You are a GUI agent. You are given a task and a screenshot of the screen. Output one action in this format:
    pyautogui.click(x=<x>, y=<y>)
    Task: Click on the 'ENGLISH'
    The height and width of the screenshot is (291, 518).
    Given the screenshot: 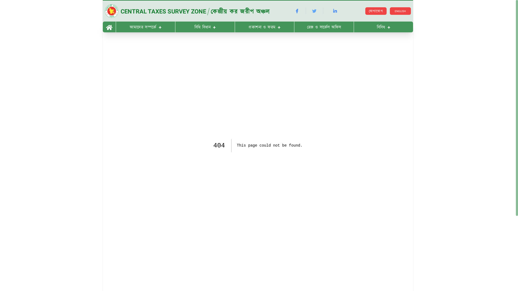 What is the action you would take?
    pyautogui.click(x=400, y=11)
    